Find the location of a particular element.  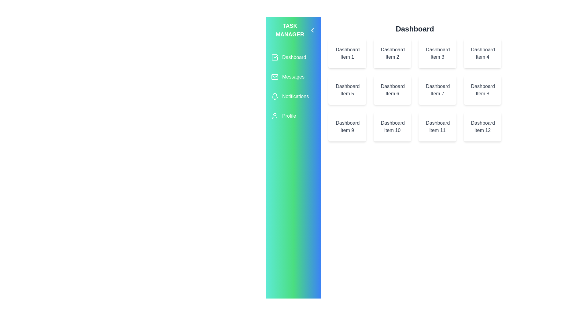

the Messages section in the sidebar is located at coordinates (293, 76).